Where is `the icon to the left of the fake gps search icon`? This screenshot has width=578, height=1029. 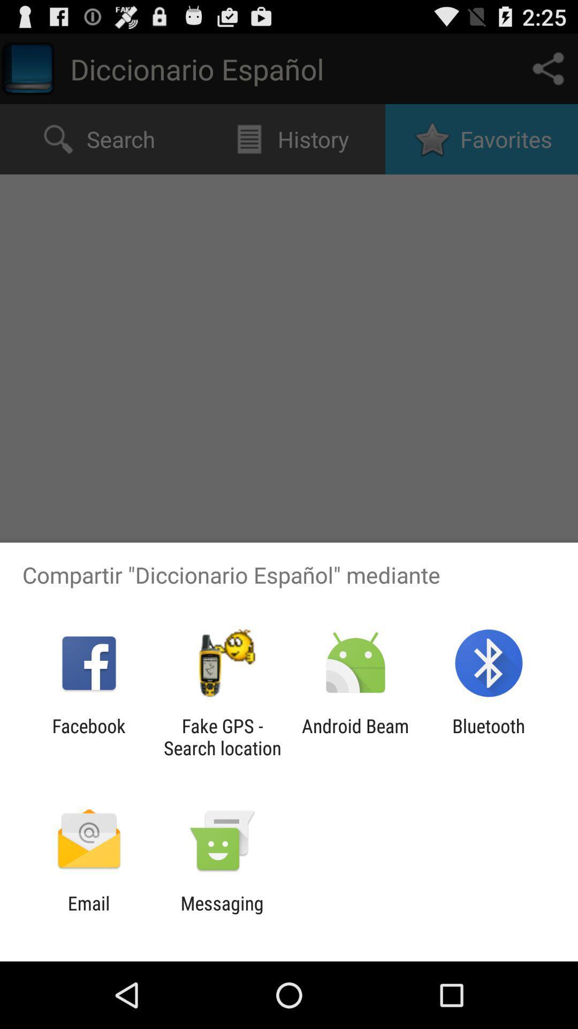 the icon to the left of the fake gps search icon is located at coordinates (88, 736).